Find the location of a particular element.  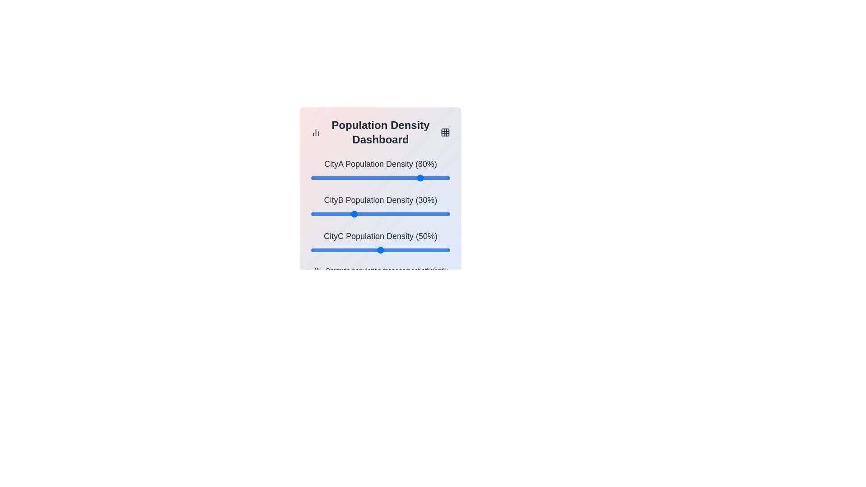

the header icon chart_icon to access its functionality is located at coordinates (316, 132).